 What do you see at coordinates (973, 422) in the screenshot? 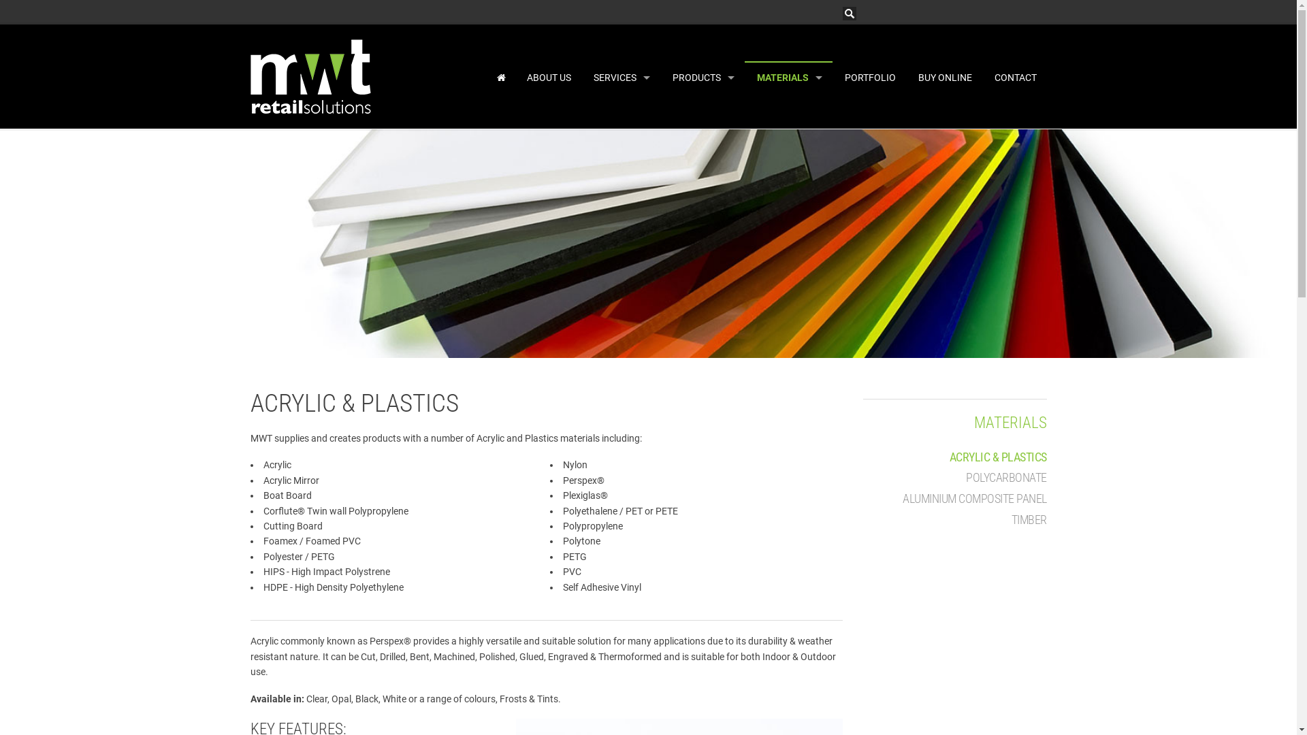
I see `'MATERIALS'` at bounding box center [973, 422].